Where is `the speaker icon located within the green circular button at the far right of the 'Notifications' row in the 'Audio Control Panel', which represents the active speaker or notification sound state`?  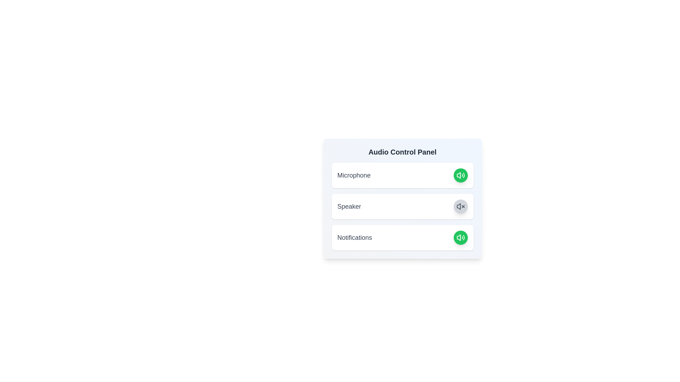 the speaker icon located within the green circular button at the far right of the 'Notifications' row in the 'Audio Control Panel', which represents the active speaker or notification sound state is located at coordinates (460, 175).